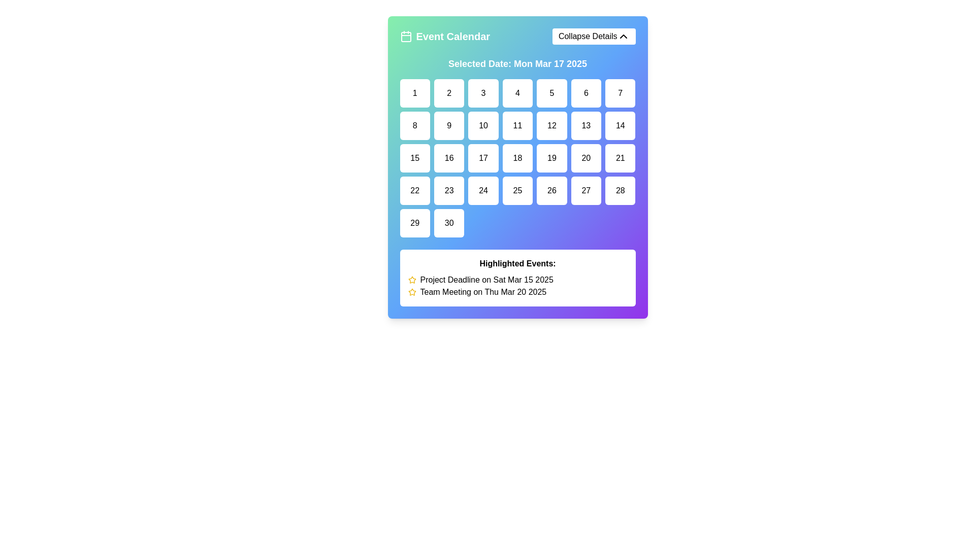 This screenshot has width=975, height=548. I want to click on the rounded square button displaying the number '15', which is centrally located, so click(415, 158).